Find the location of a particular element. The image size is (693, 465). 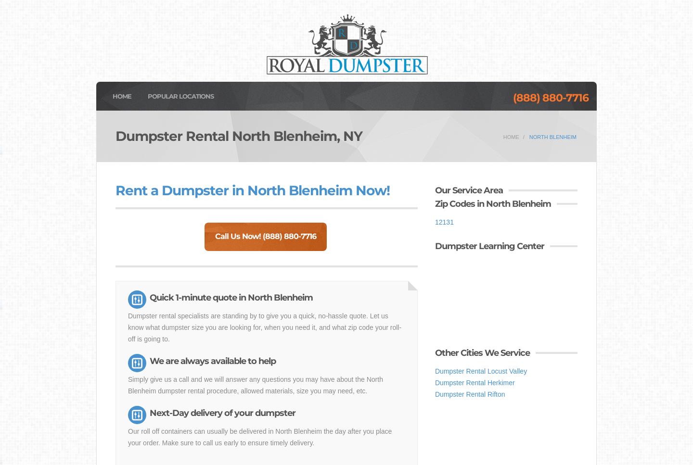

'Simply give us a call and we will answer any questions you may have about the North Blenheim dumpster rental procedure, allowed materials, size you may need, etc.' is located at coordinates (255, 384).